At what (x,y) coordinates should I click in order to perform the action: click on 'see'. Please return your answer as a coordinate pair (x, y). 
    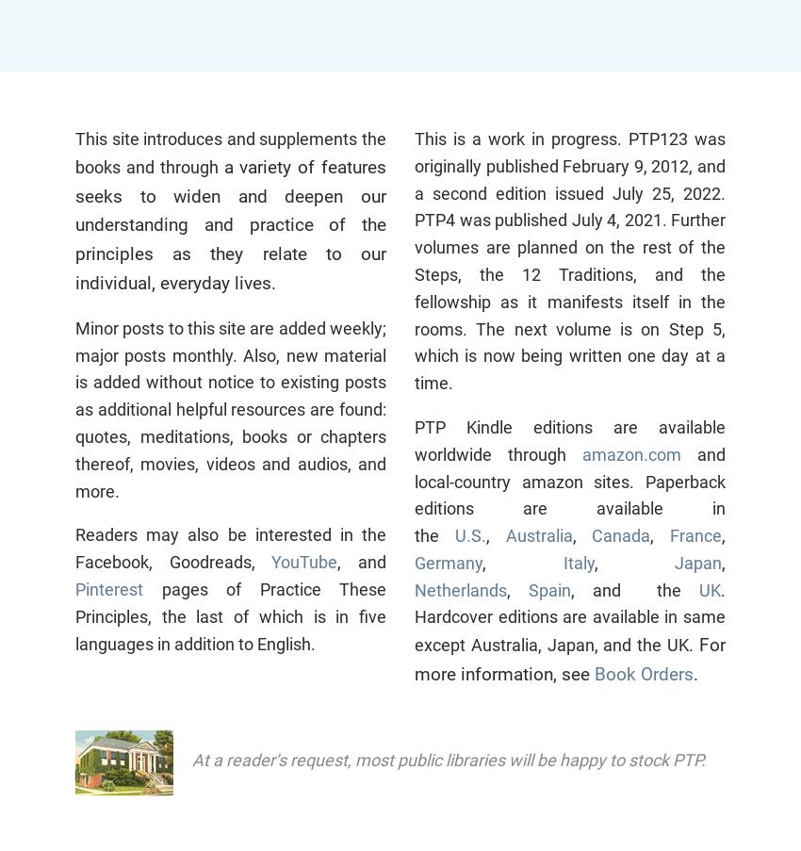
    Looking at the image, I should click on (577, 674).